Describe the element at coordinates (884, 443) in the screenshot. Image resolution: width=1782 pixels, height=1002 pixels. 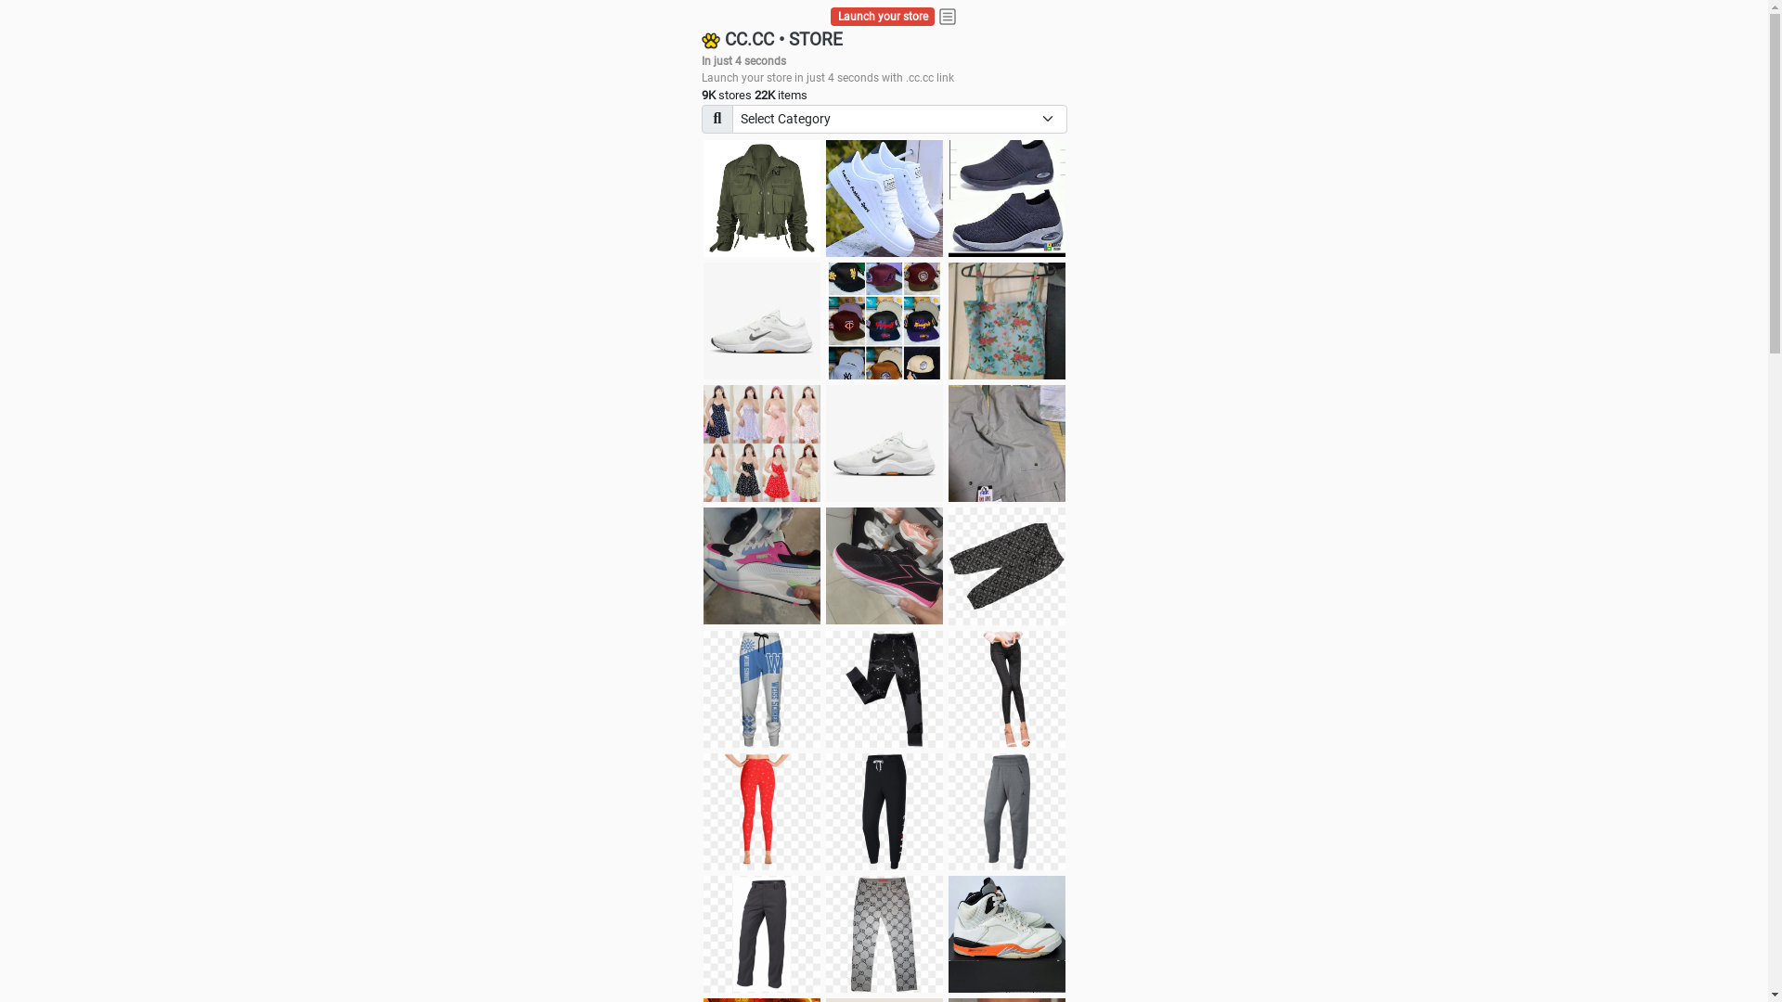
I see `'Shoes'` at that location.